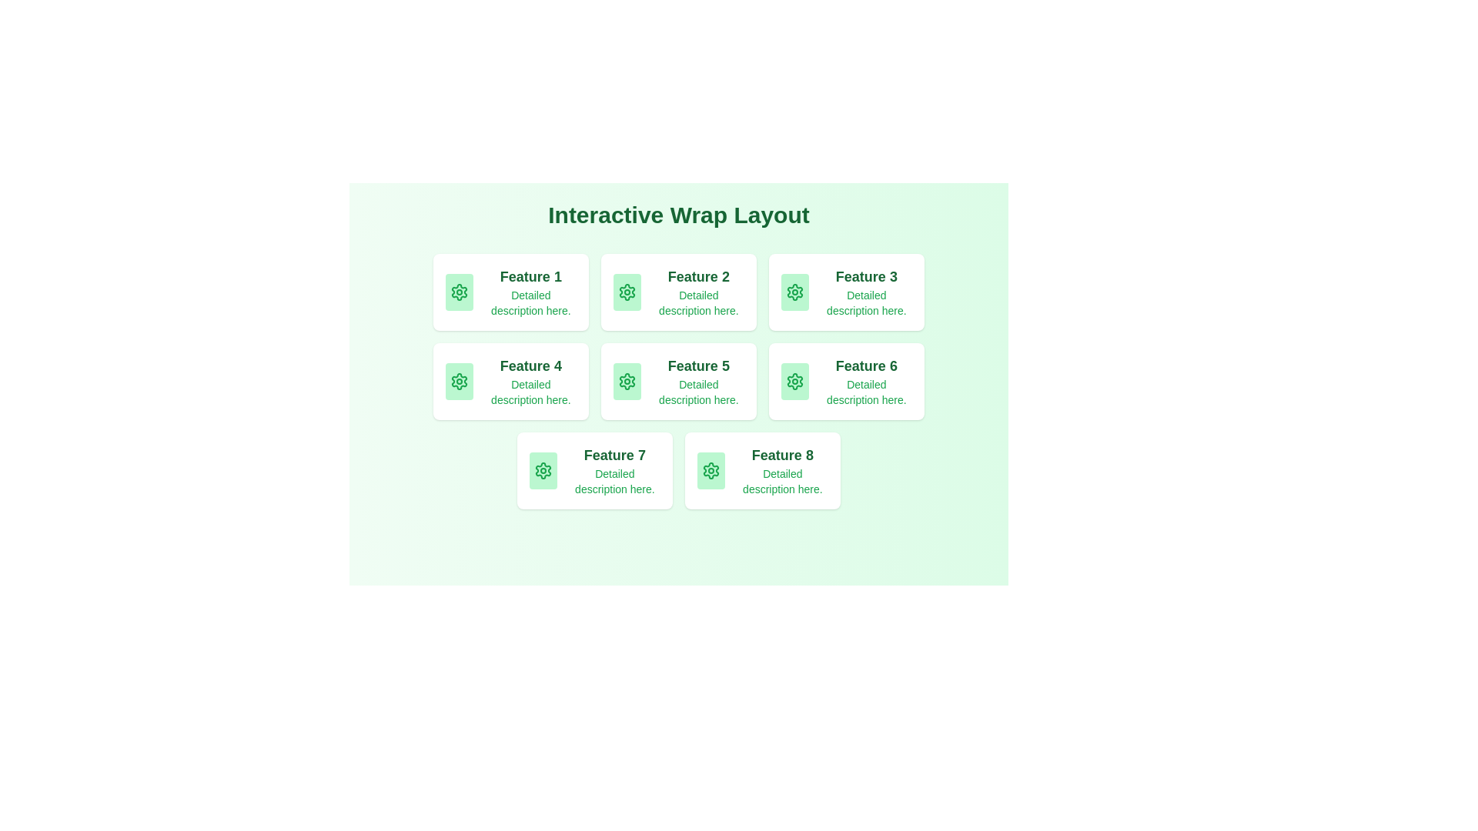 This screenshot has width=1478, height=831. What do you see at coordinates (866, 365) in the screenshot?
I see `the Text Label element that serves as a title for a feature description block, located in the third row, second column of the grid layout` at bounding box center [866, 365].